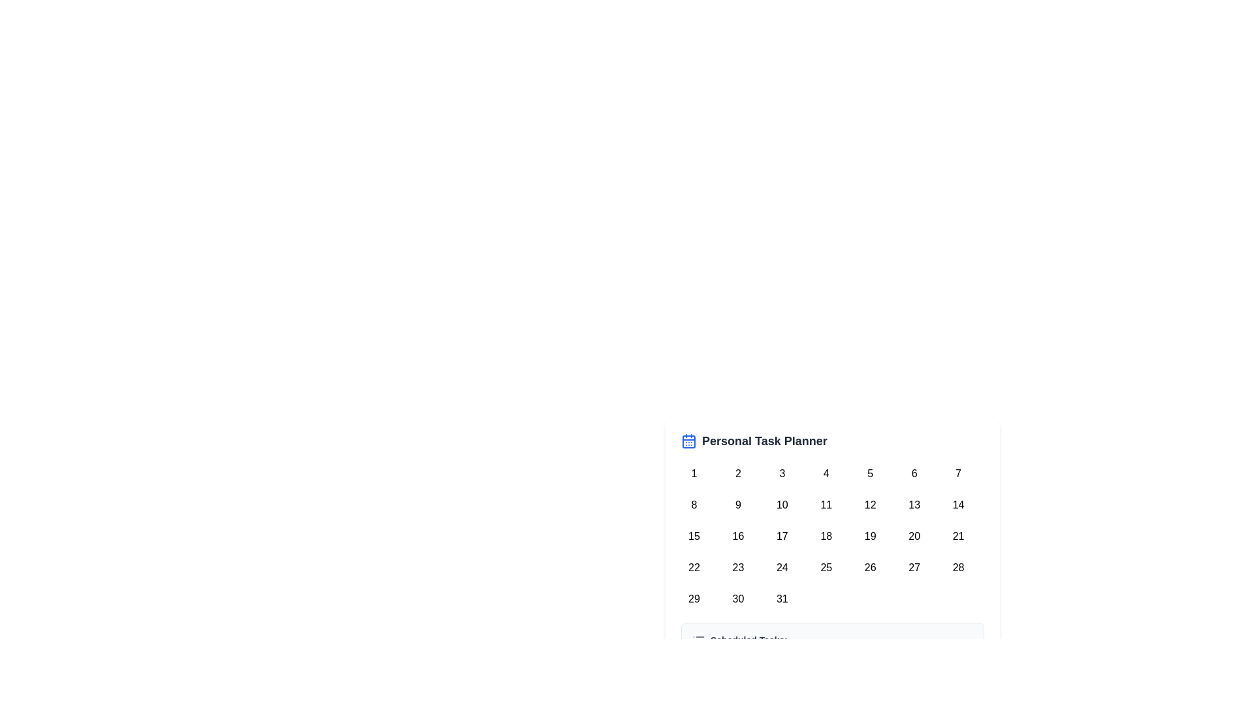  Describe the element at coordinates (826, 473) in the screenshot. I see `the button representing the fourth day of the month` at that location.